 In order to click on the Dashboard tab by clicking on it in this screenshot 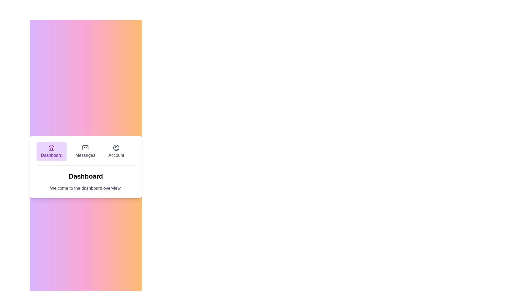, I will do `click(51, 151)`.